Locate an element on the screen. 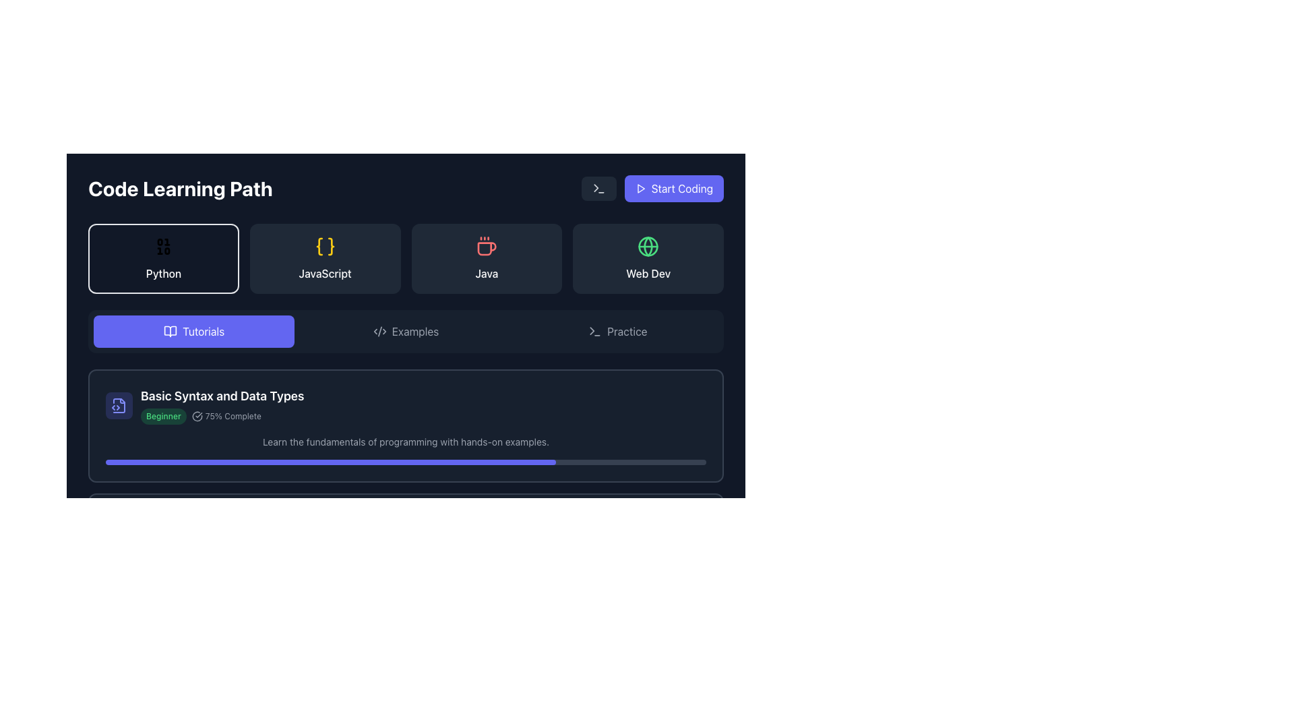  the 'JavaScript' button, which is a rectangular button with a dark background, rounded corners, a yellow braces icon at the center, and the text 'JavaScript' in white below the icon is located at coordinates (325, 259).